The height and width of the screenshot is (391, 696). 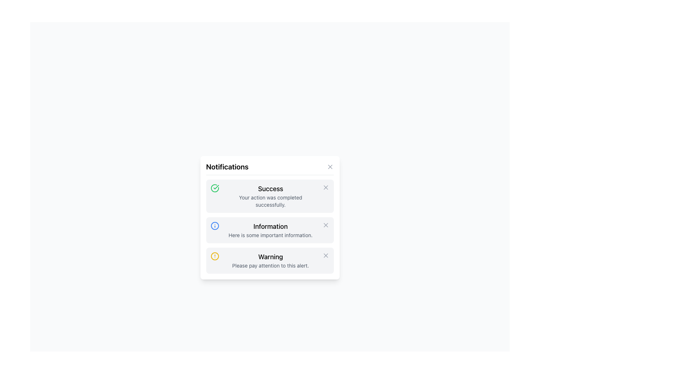 I want to click on the gray cross icon located in the top right corner of the Notifications panel, so click(x=330, y=167).